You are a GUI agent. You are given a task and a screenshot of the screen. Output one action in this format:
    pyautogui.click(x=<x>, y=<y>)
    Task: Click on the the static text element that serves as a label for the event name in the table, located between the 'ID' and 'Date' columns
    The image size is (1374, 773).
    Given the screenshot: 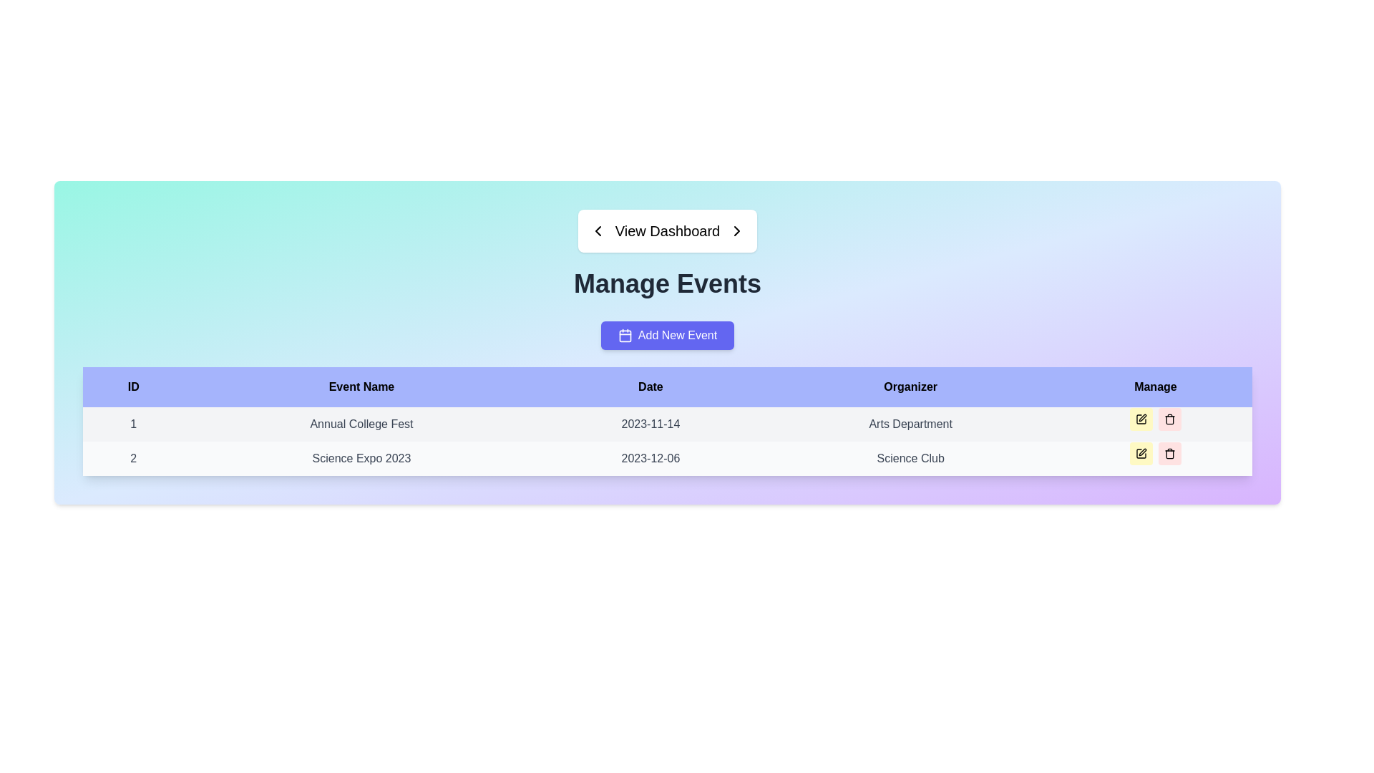 What is the action you would take?
    pyautogui.click(x=361, y=424)
    